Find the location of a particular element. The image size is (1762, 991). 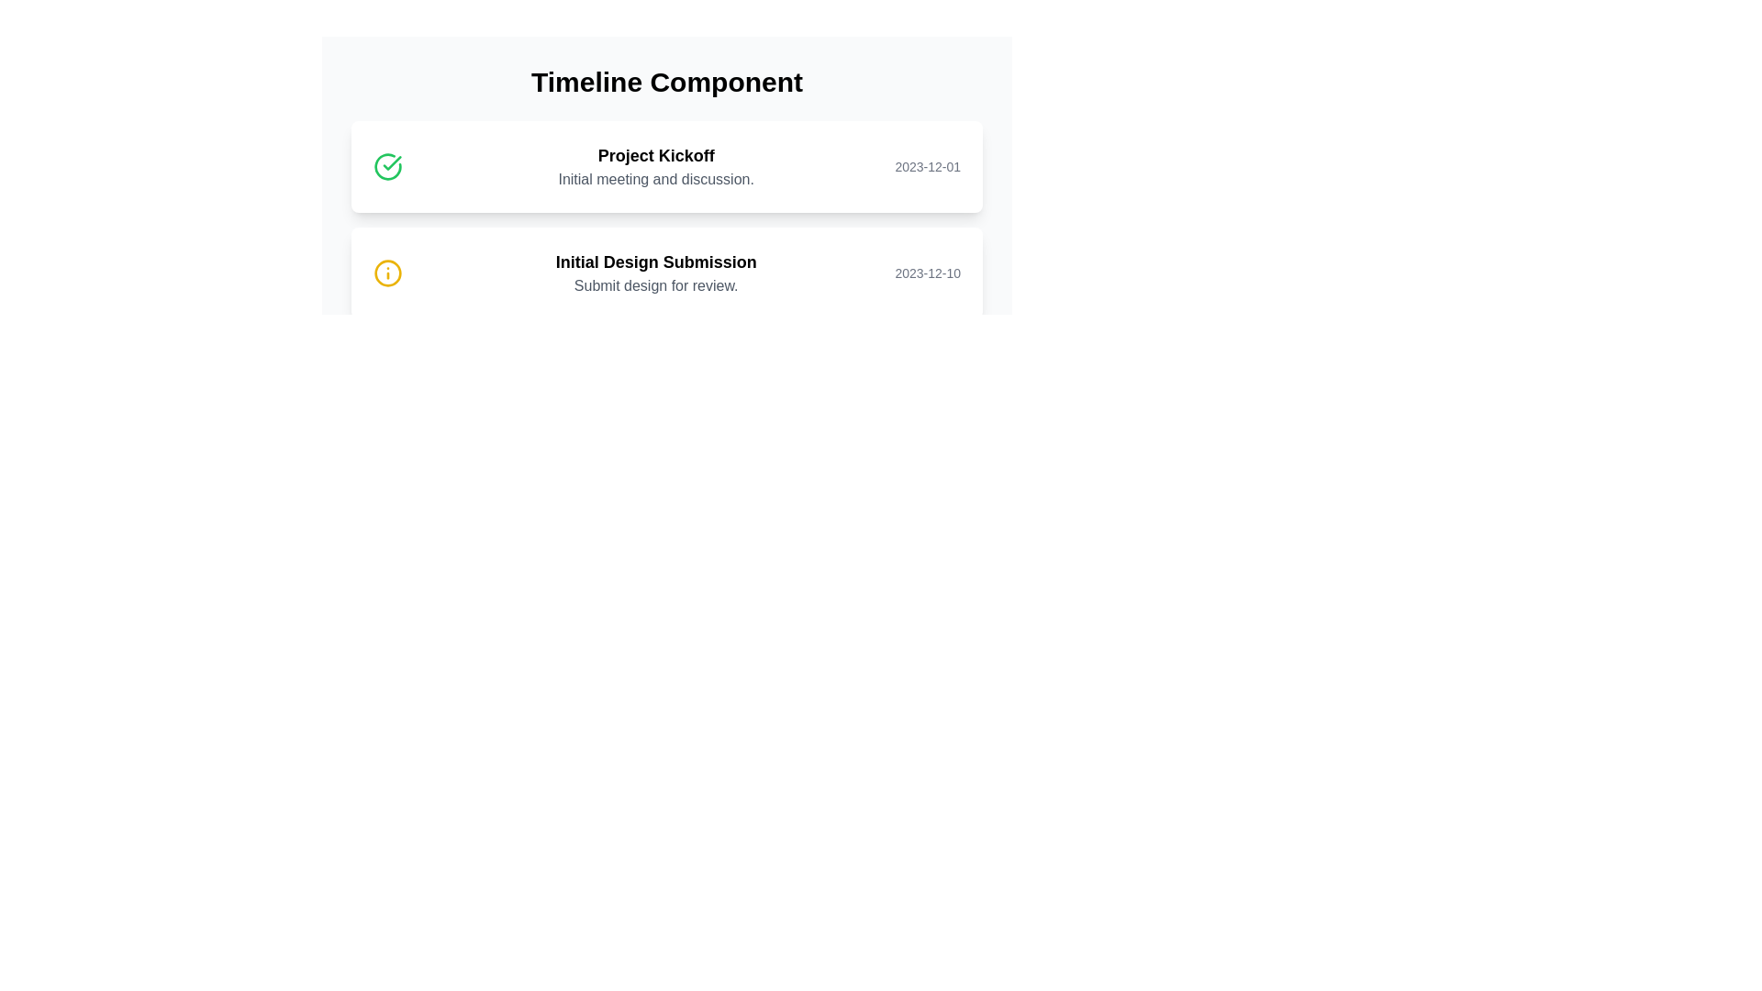

text of the UI element displaying 'Initial Design Submission' and 'Submit design for review.' is located at coordinates (656, 273).